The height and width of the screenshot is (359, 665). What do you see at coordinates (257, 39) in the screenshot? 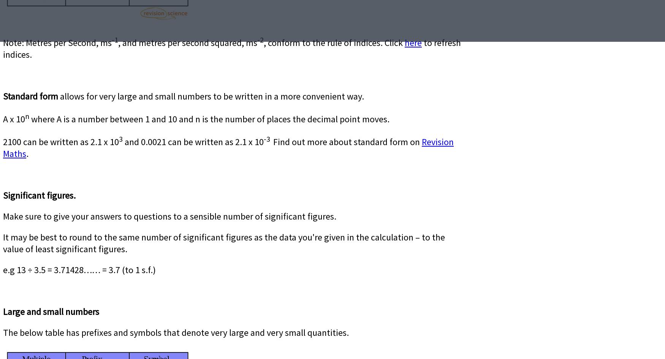
I see `'-2'` at bounding box center [257, 39].